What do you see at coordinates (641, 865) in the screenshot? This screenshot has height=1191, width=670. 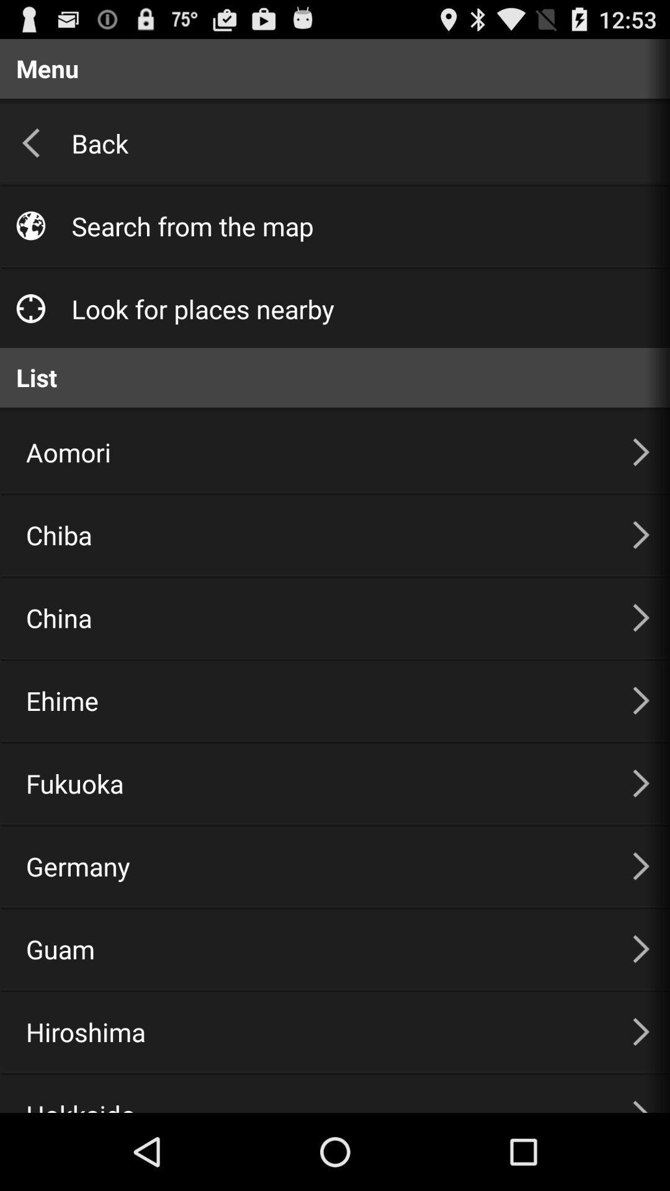 I see `the arrow option beside germany` at bounding box center [641, 865].